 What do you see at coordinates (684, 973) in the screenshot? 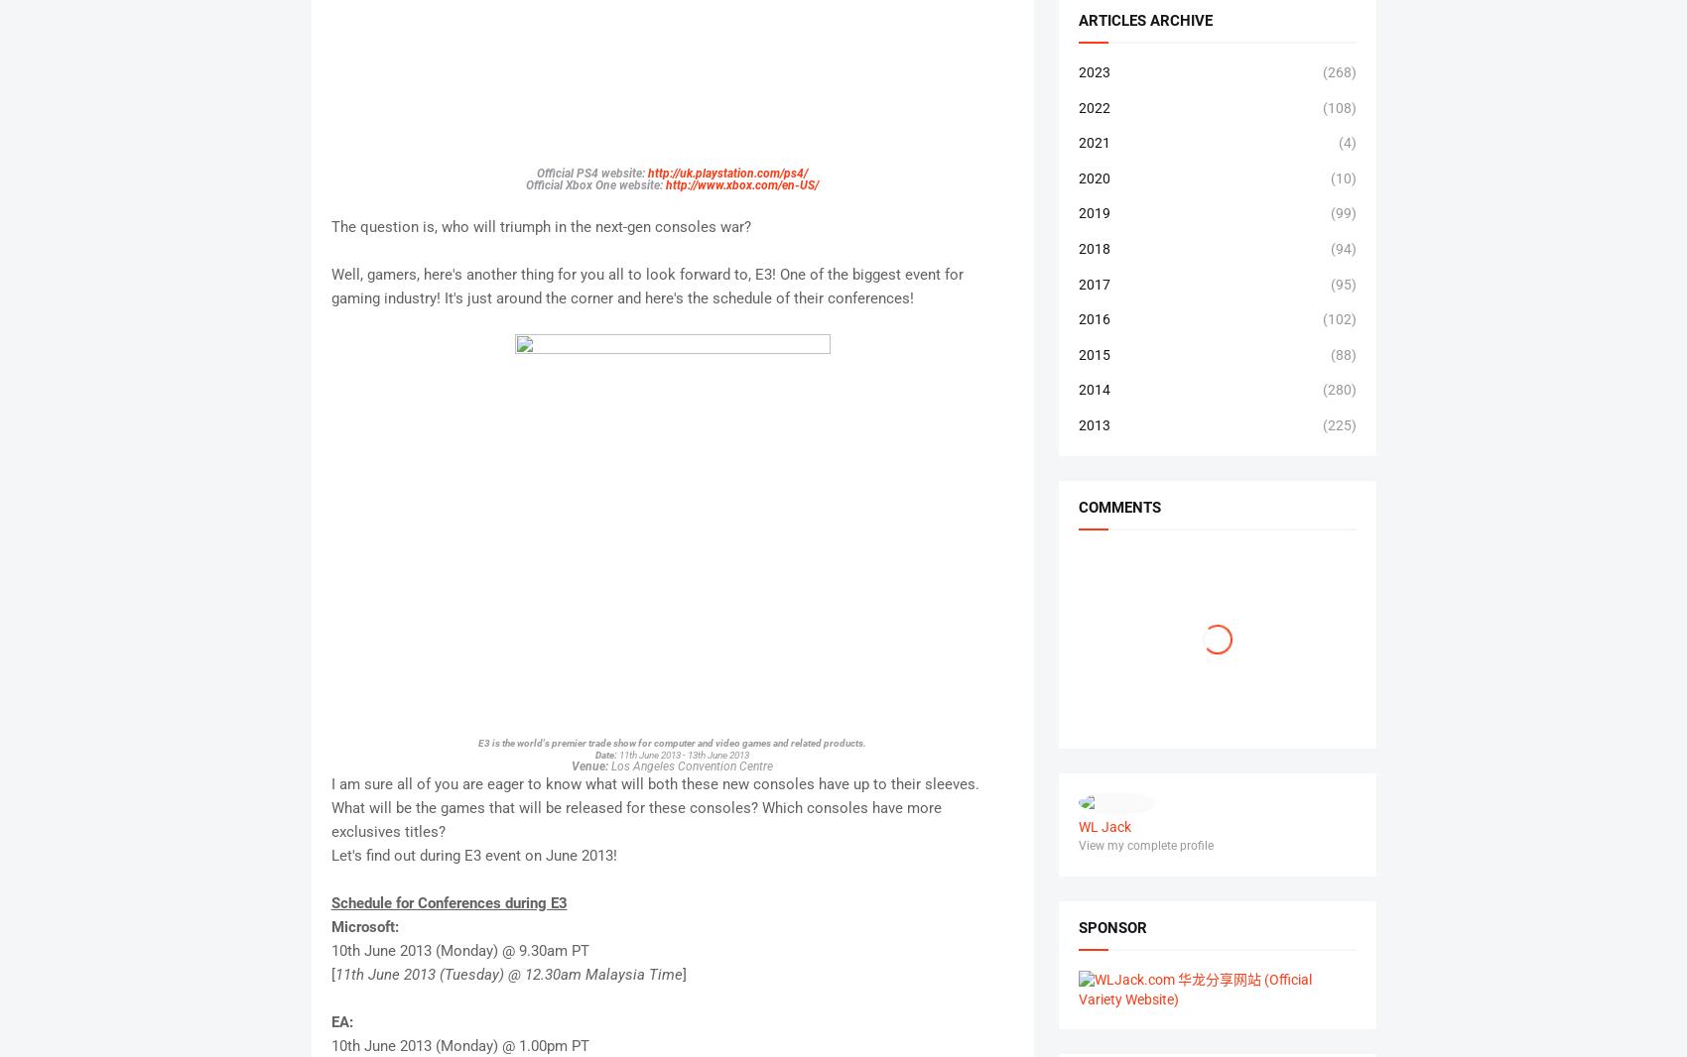
I see `']'` at bounding box center [684, 973].